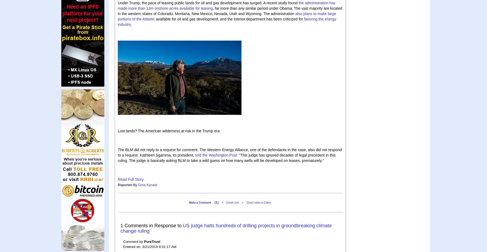 The height and width of the screenshot is (252, 487). What do you see at coordinates (159, 246) in the screenshot?
I see `'3/21/2019 9:31:17 AM'` at bounding box center [159, 246].